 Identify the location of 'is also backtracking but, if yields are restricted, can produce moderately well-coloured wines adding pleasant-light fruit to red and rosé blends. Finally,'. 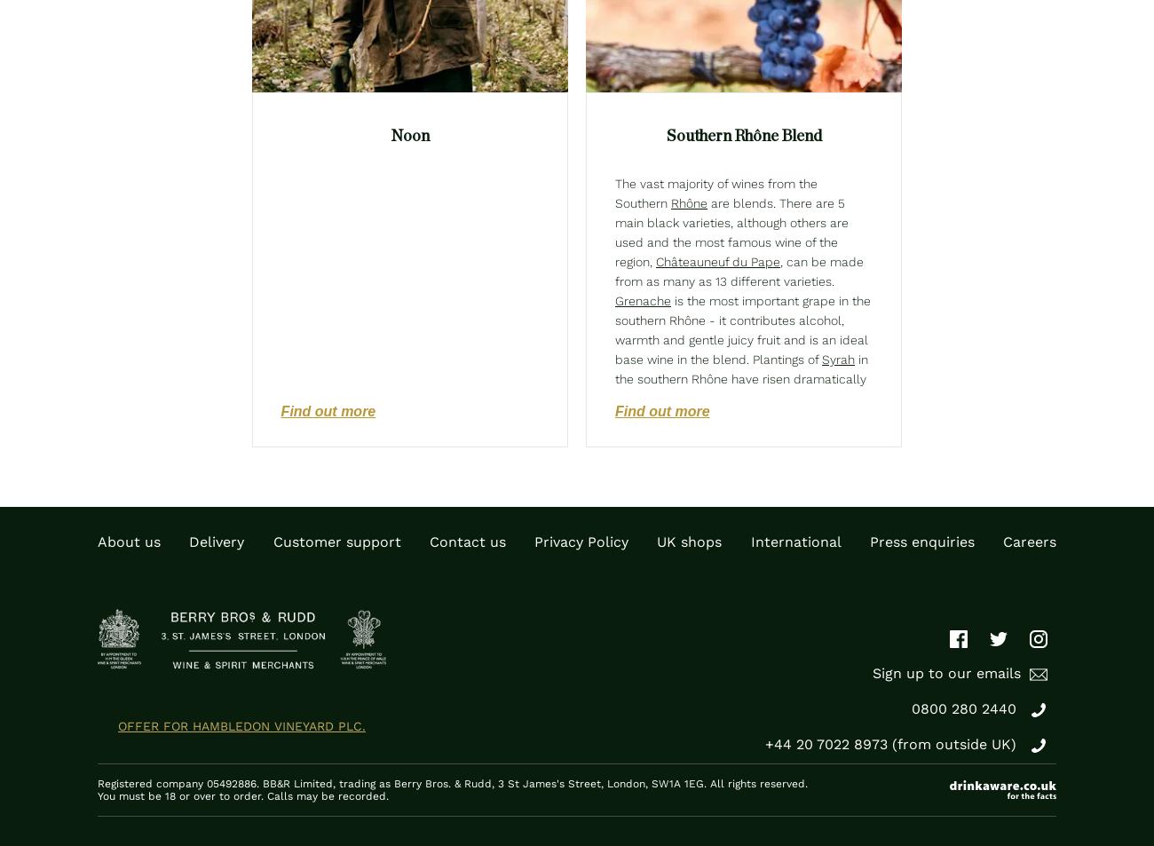
(743, 603).